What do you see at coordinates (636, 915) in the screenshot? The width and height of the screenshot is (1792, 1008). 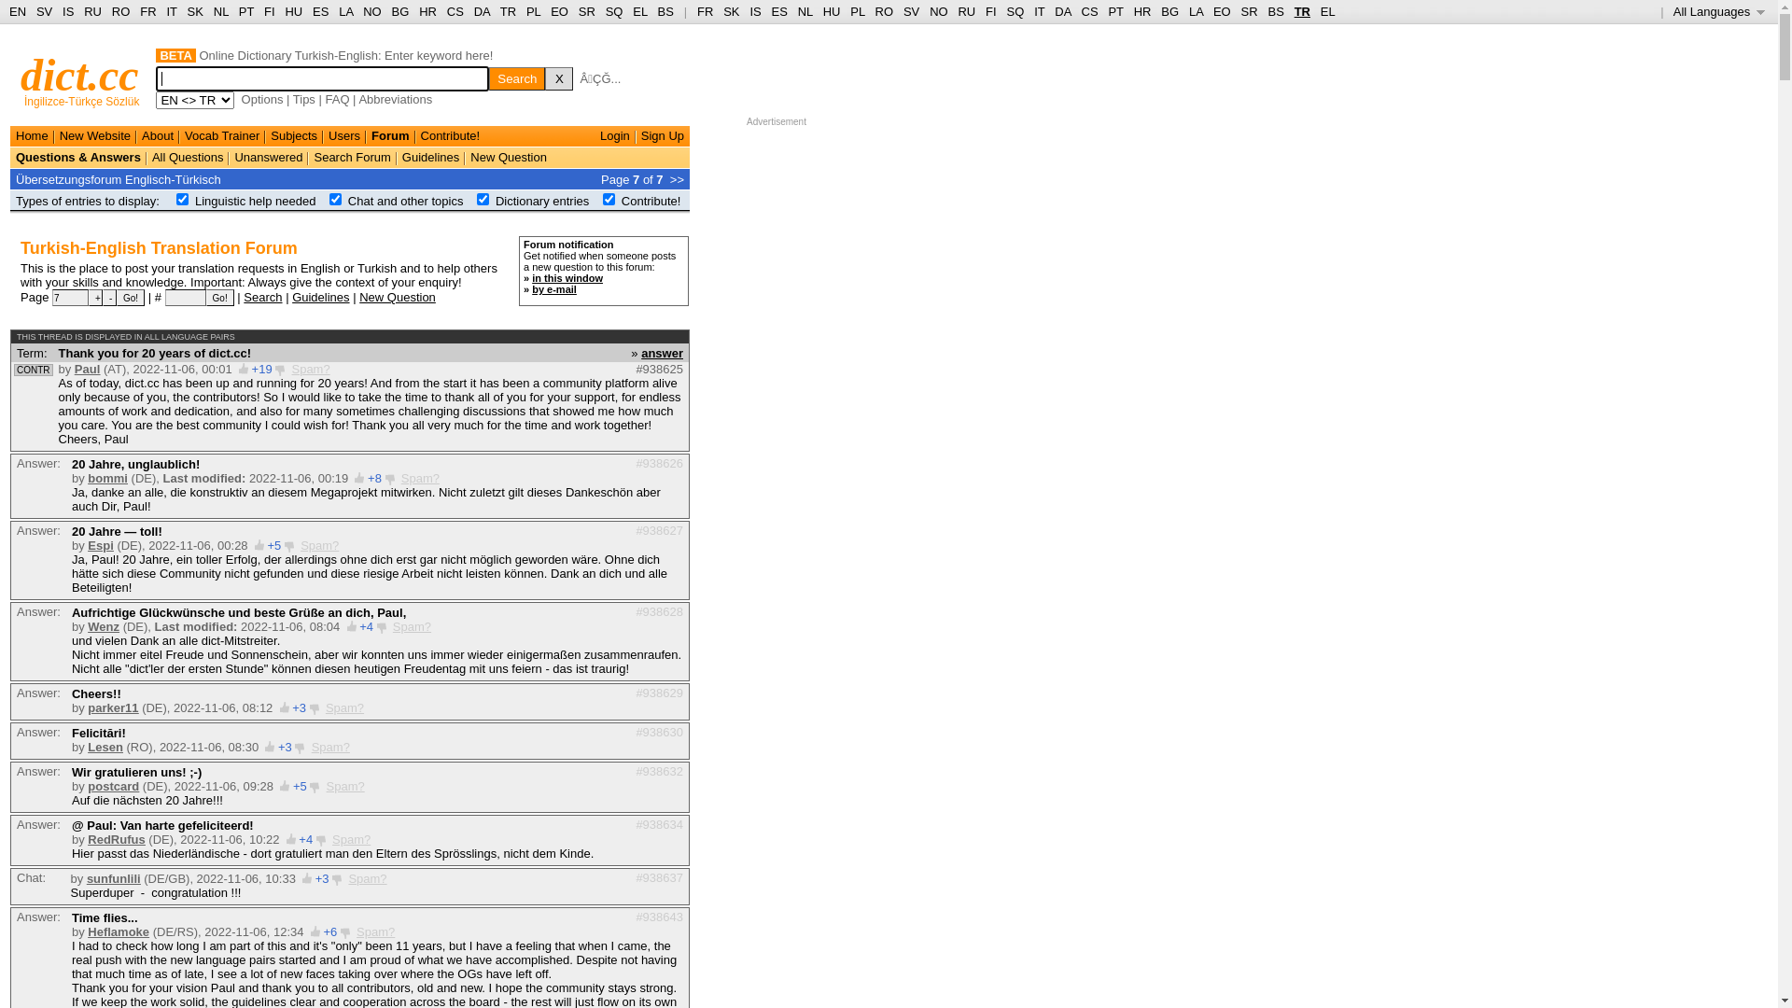 I see `'#938643'` at bounding box center [636, 915].